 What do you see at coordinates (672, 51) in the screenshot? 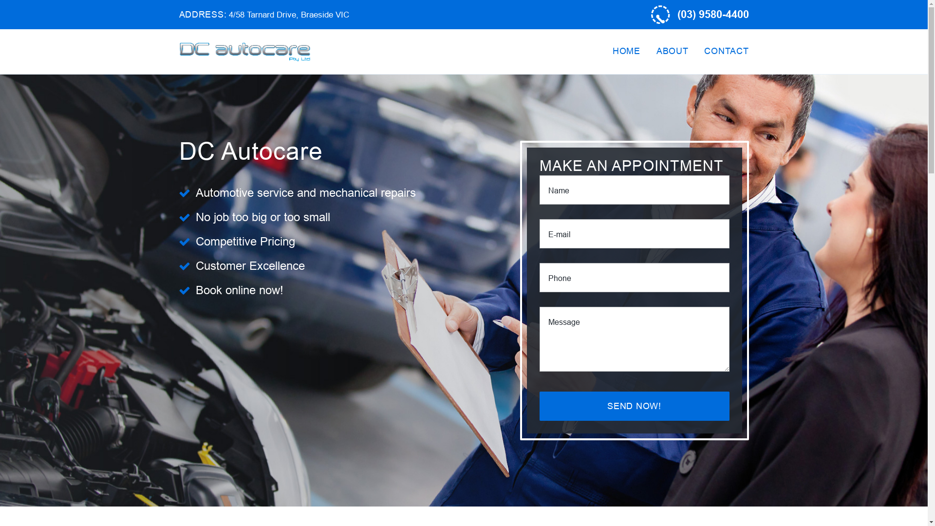
I see `'ABOUT'` at bounding box center [672, 51].